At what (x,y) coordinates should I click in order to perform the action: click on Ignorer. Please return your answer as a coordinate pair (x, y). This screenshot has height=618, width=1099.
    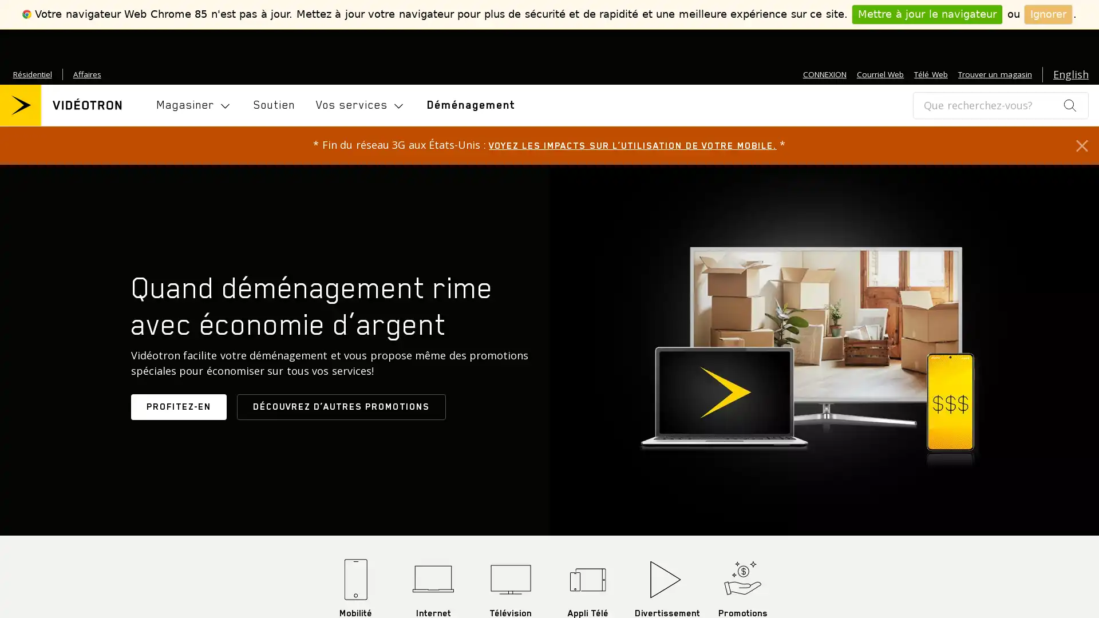
    Looking at the image, I should click on (1048, 14).